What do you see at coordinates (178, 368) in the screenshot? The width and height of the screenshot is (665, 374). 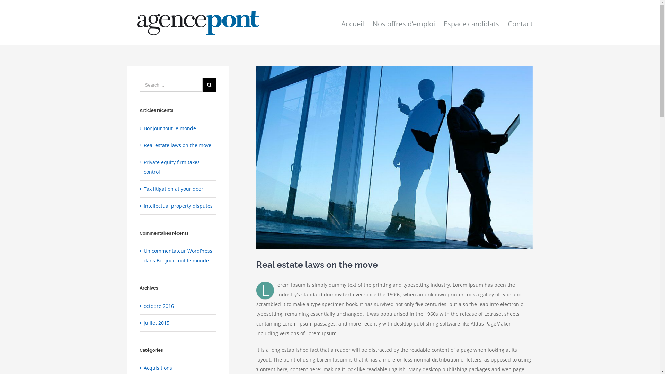 I see `'Acquisitions'` at bounding box center [178, 368].